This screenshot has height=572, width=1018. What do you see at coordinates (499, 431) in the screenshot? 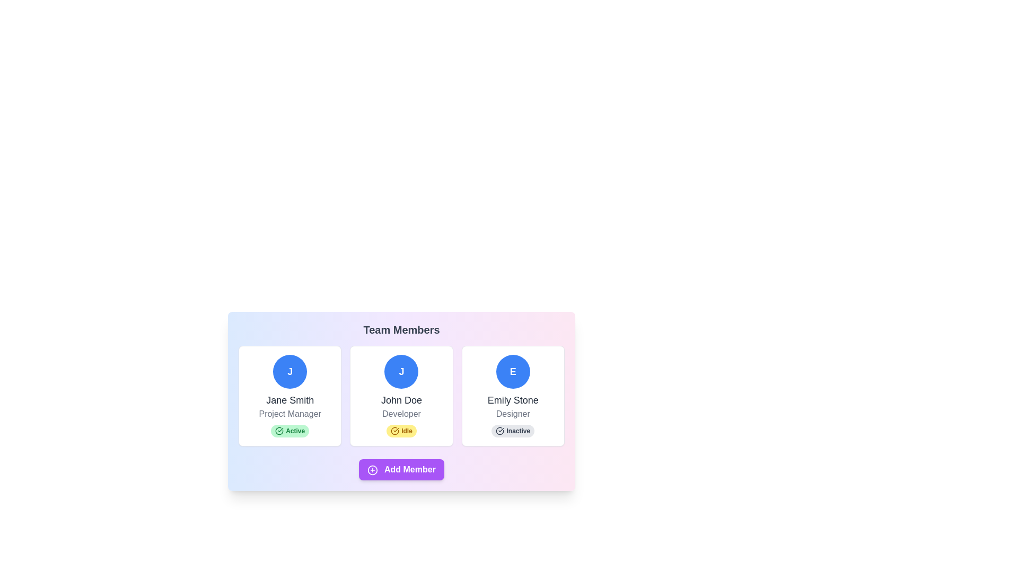
I see `the SVG icon resembling a check mark inside a circle, which is located to the left of the 'Inactive' label in the bottom part of the rightmost card` at bounding box center [499, 431].